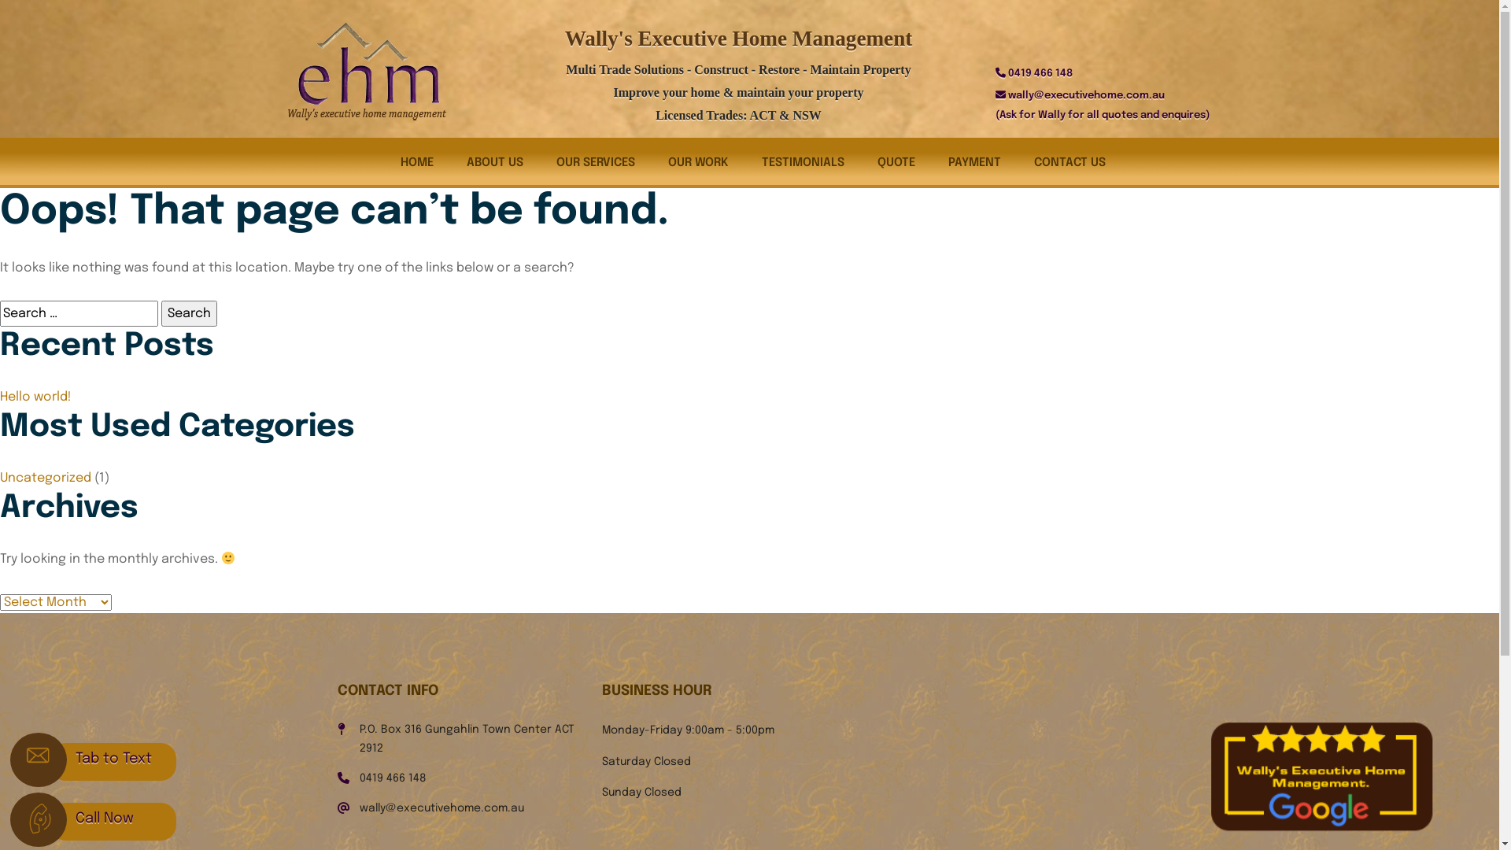 This screenshot has height=850, width=1511. What do you see at coordinates (1084, 95) in the screenshot?
I see `'wally@executivehome.com.au'` at bounding box center [1084, 95].